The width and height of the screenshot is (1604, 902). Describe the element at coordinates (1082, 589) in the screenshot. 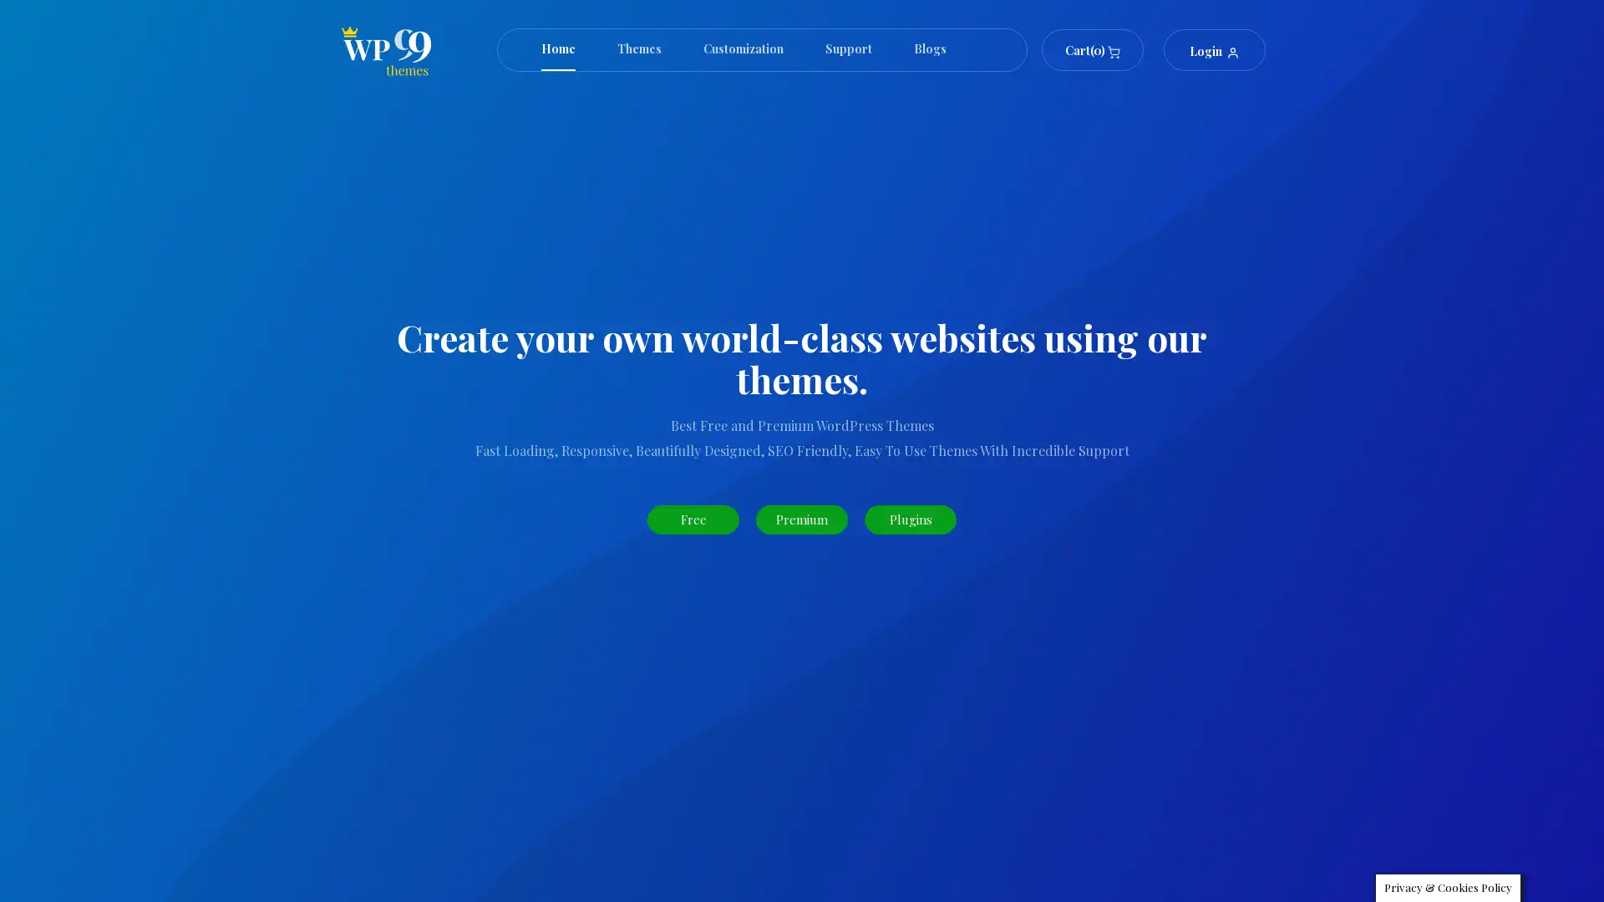

I see `Search` at that location.